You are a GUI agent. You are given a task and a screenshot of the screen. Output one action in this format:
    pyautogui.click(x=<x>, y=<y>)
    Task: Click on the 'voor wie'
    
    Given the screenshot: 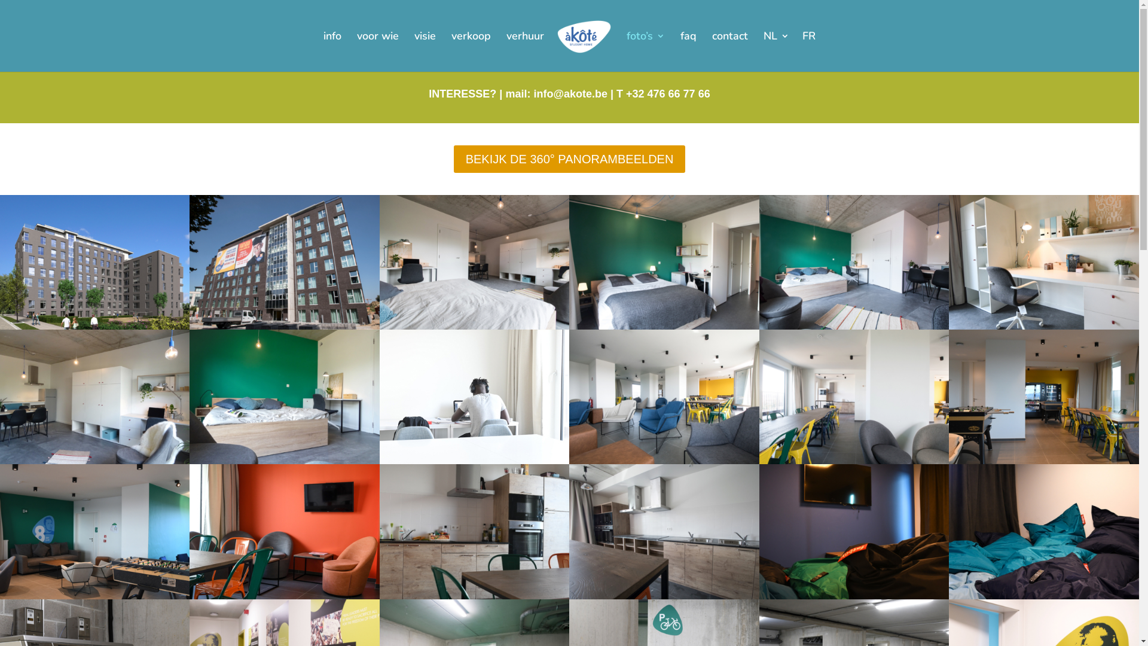 What is the action you would take?
    pyautogui.click(x=377, y=51)
    